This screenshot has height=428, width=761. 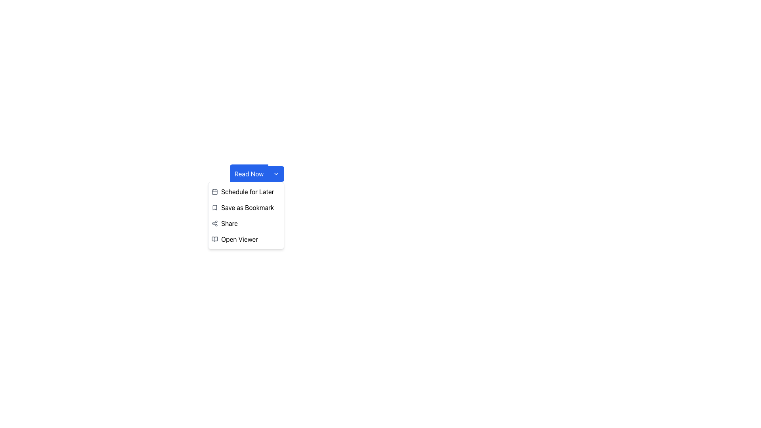 What do you see at coordinates (246, 207) in the screenshot?
I see `the second clickable list item with an icon and text, which allows users to save content as a bookmark, positioned below the 'Read Now' button and above the 'Share' option` at bounding box center [246, 207].